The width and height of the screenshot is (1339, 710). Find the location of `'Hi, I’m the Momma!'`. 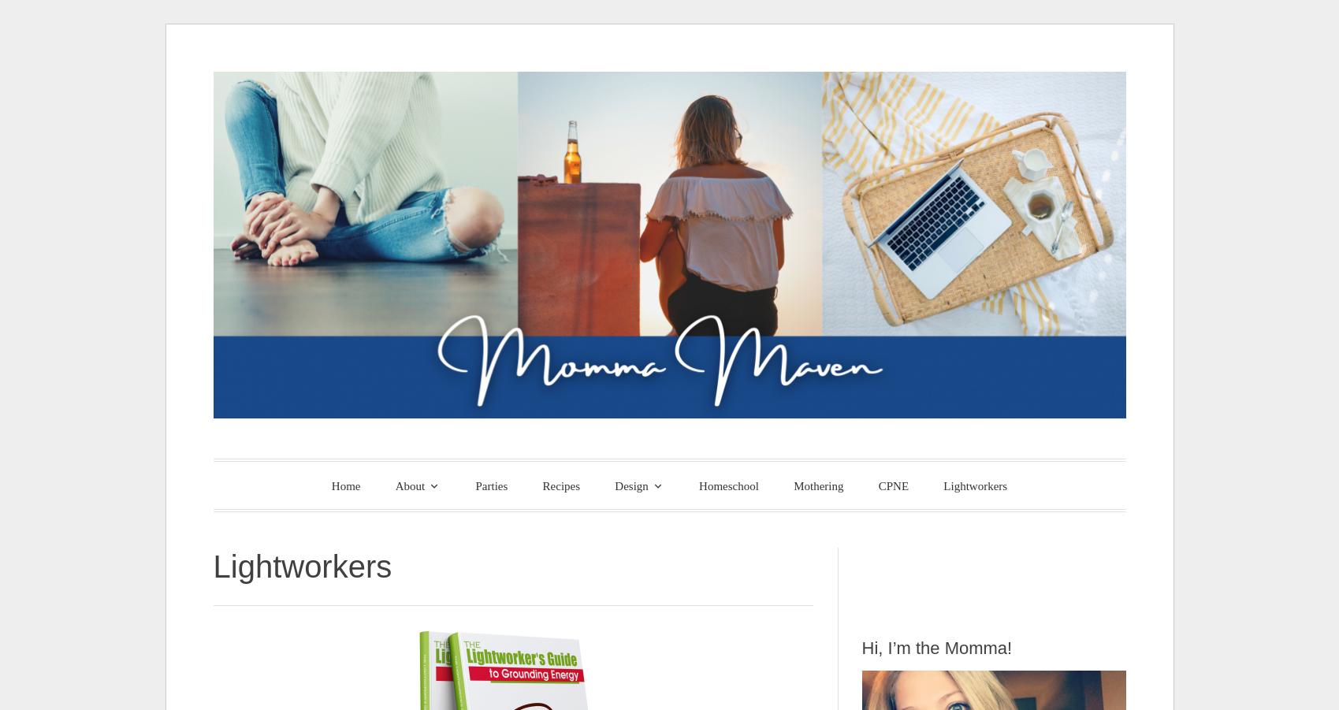

'Hi, I’m the Momma!' is located at coordinates (936, 647).